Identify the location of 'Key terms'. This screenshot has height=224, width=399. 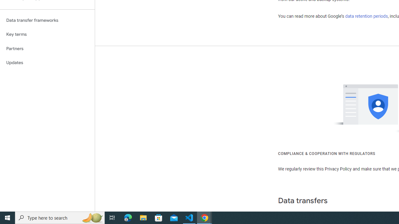
(47, 34).